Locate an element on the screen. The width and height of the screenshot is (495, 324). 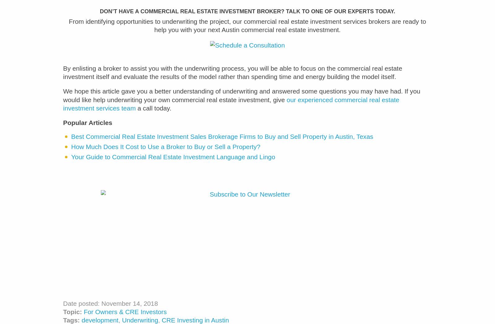
'Date posted: November 14, 2018' is located at coordinates (110, 308).